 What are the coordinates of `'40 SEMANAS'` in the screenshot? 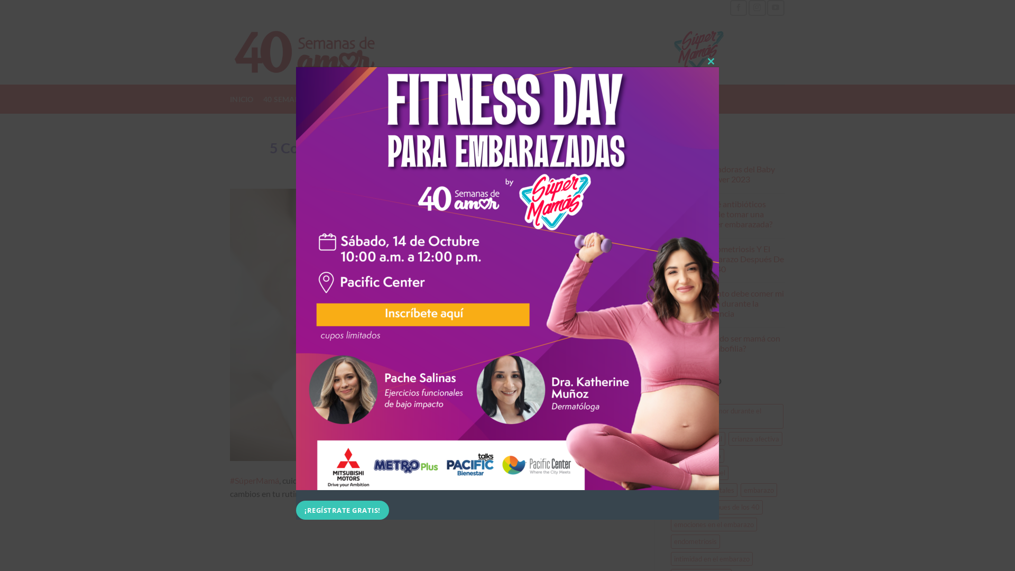 It's located at (287, 99).